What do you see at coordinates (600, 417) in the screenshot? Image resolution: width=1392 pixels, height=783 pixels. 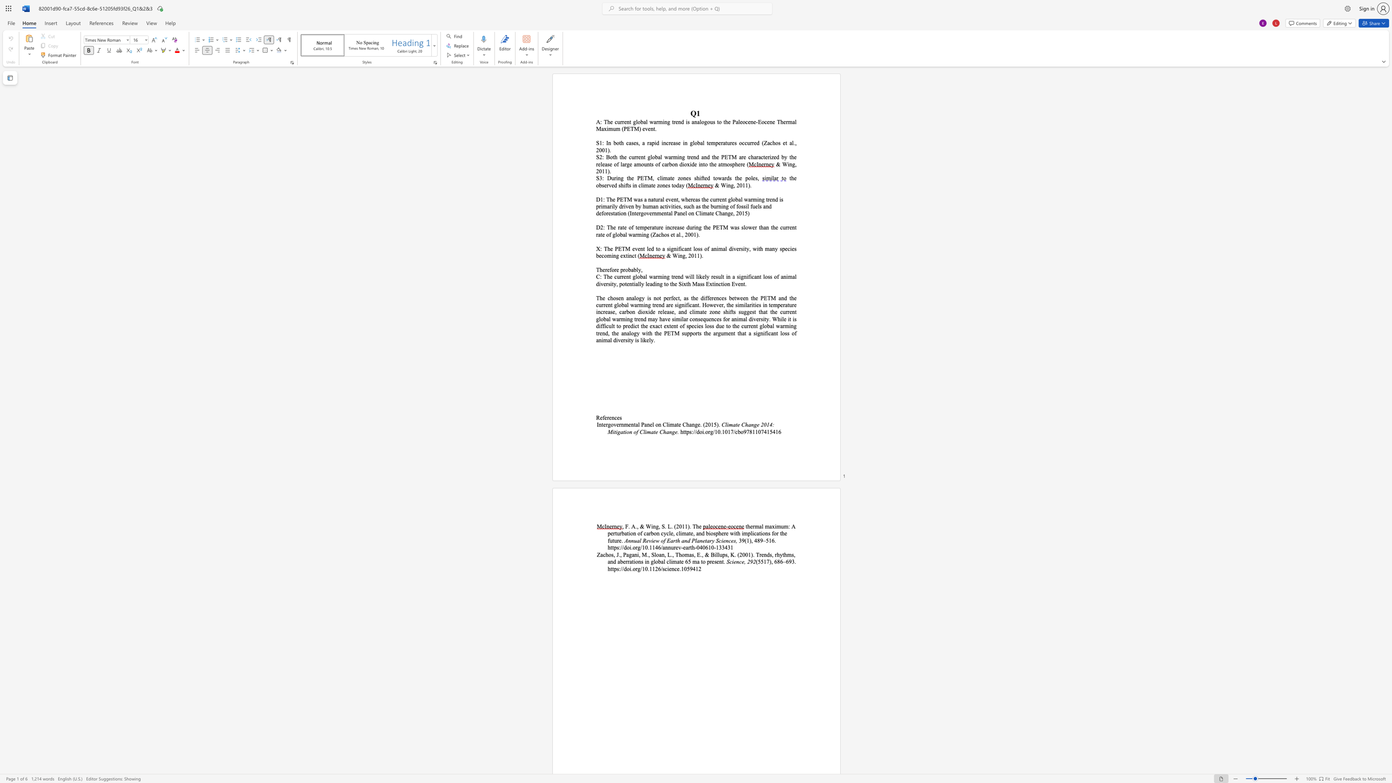 I see `the subset text "eferenc" within the text "References"` at bounding box center [600, 417].